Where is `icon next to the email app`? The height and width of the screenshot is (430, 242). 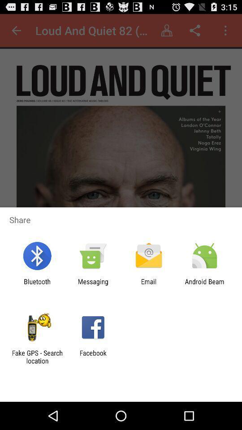
icon next to the email app is located at coordinates (204, 285).